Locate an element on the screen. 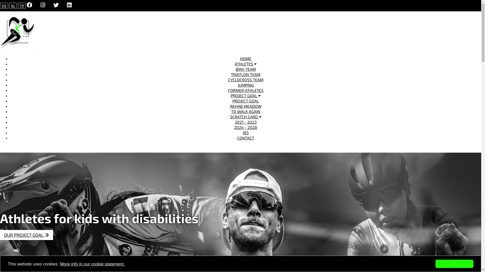  'REHAB MEADOW' is located at coordinates (245, 106).